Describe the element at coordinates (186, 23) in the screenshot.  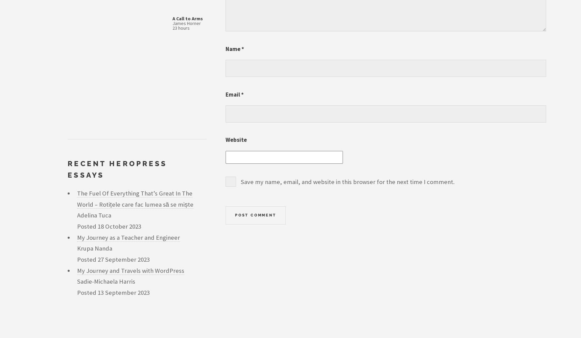
I see `'James Horner'` at that location.